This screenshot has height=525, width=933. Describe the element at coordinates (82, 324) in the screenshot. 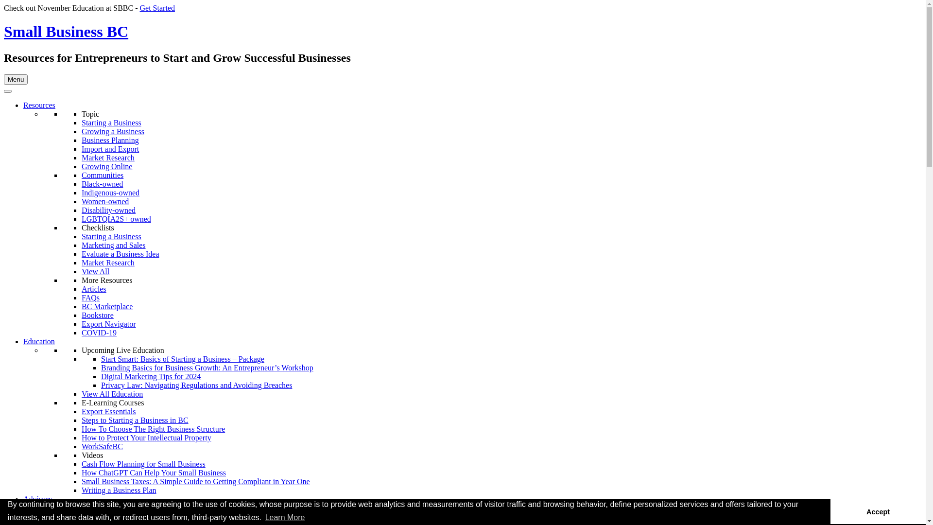

I see `'Export Navigator'` at that location.